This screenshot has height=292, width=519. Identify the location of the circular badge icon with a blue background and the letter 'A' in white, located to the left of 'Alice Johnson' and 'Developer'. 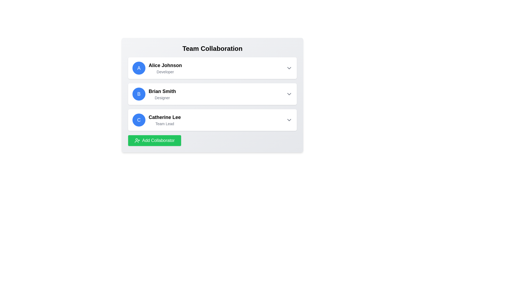
(139, 68).